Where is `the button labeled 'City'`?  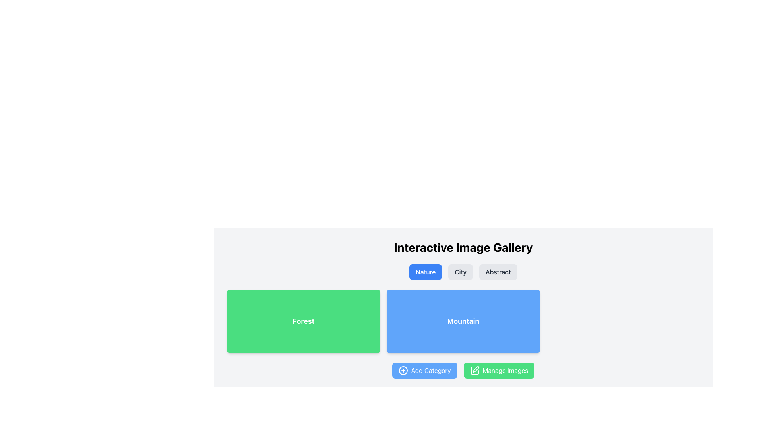
the button labeled 'City' is located at coordinates (461, 272).